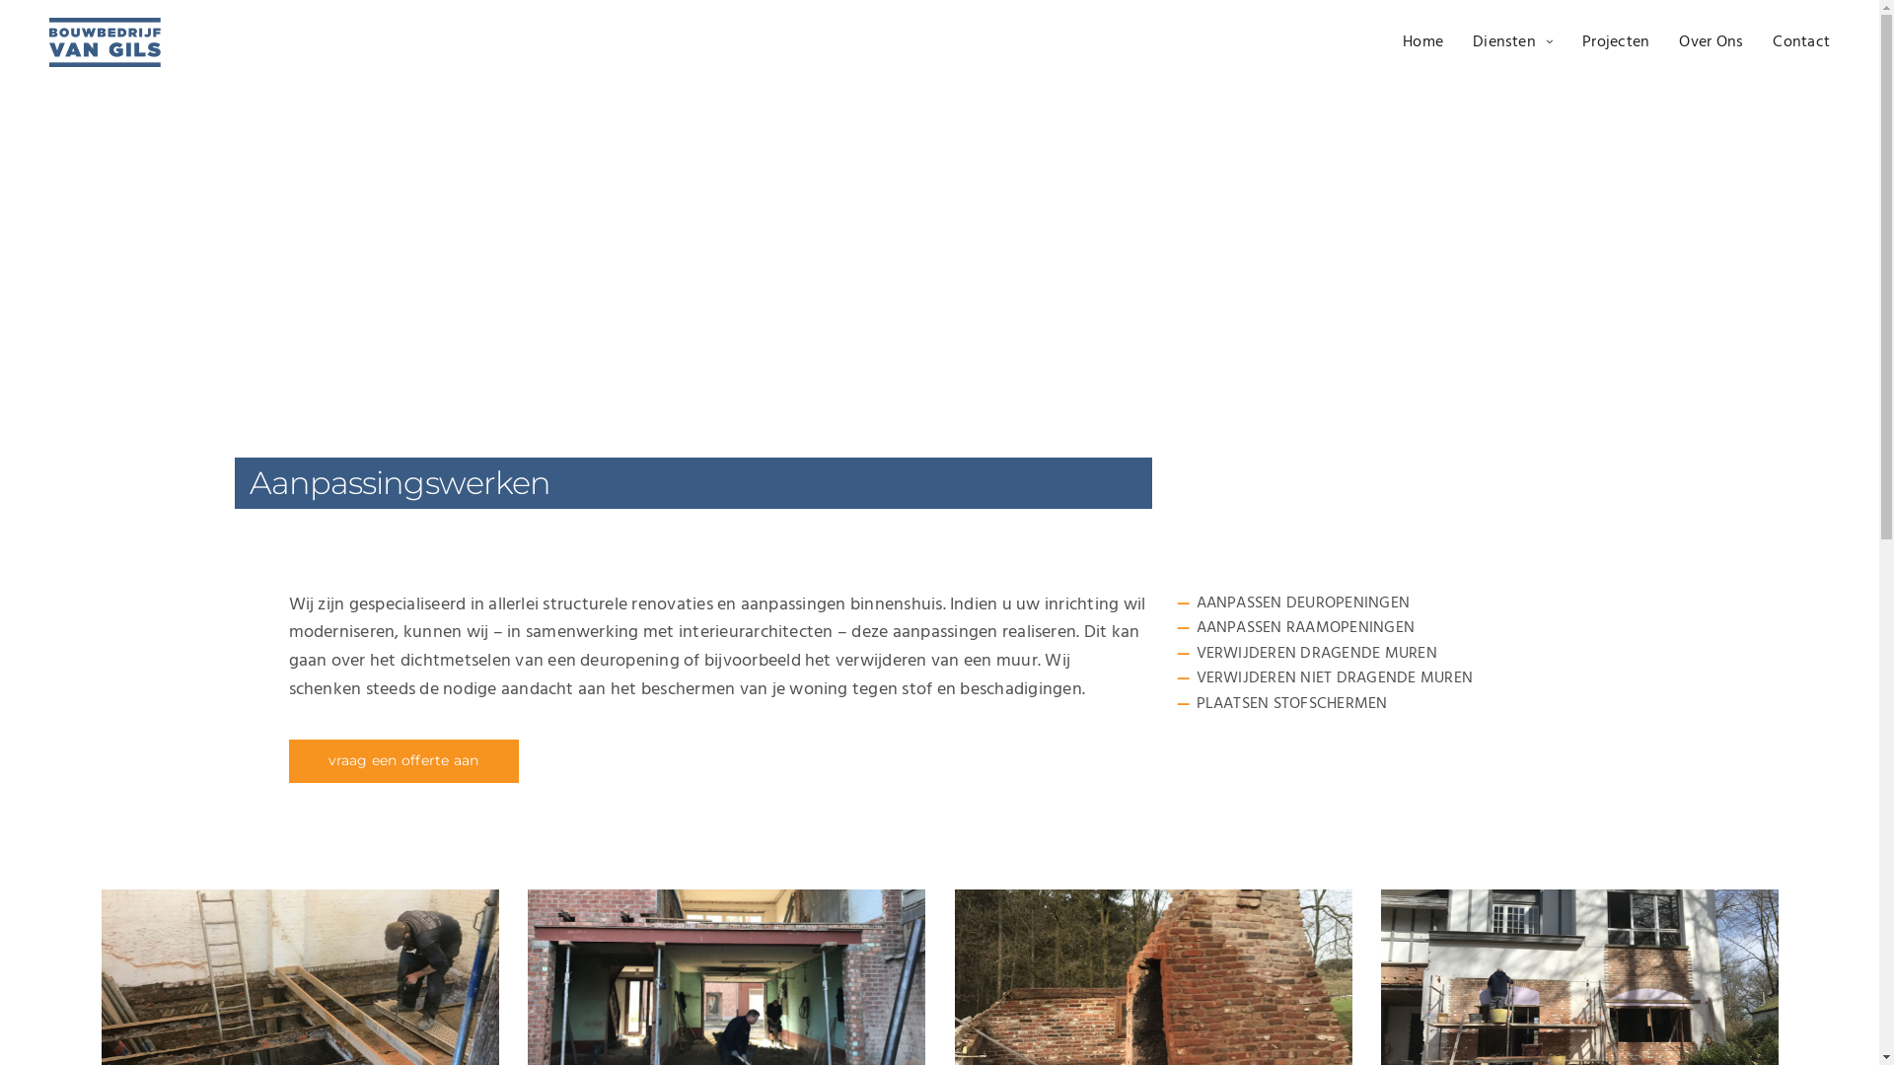  I want to click on 'Bouwbedrijf Van Gils', so click(104, 41).